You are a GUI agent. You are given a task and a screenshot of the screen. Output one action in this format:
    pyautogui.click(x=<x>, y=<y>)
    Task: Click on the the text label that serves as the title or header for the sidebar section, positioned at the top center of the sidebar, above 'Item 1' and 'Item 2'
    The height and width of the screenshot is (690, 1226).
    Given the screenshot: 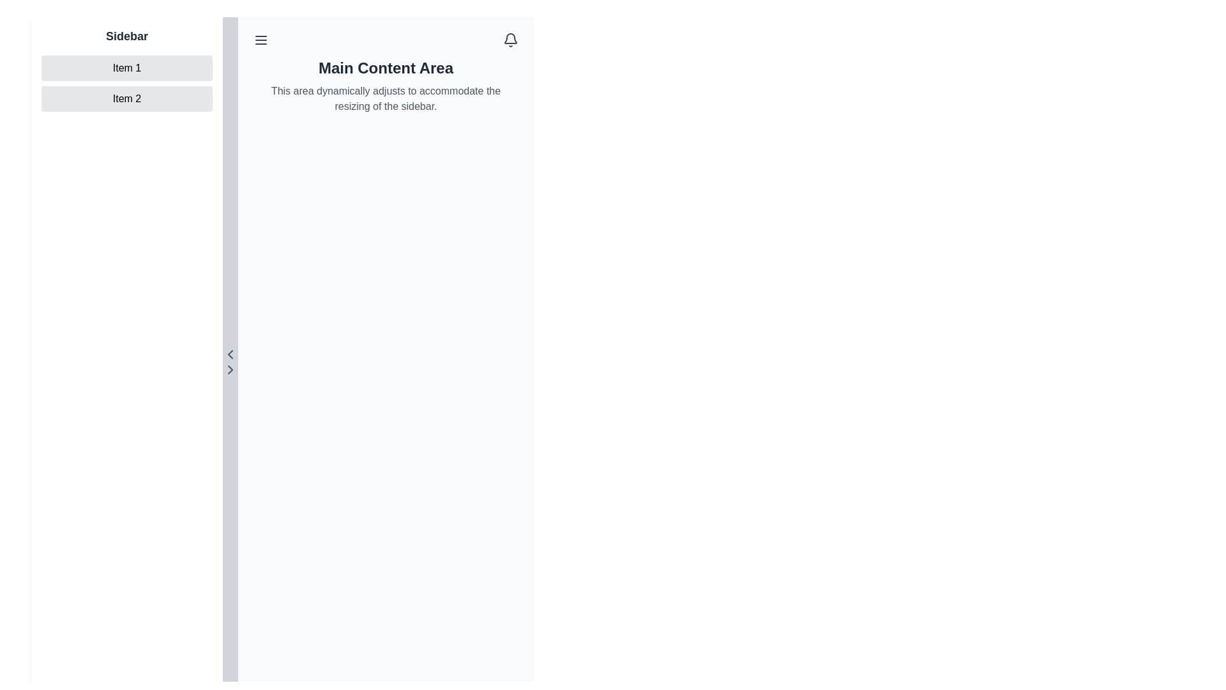 What is the action you would take?
    pyautogui.click(x=126, y=36)
    